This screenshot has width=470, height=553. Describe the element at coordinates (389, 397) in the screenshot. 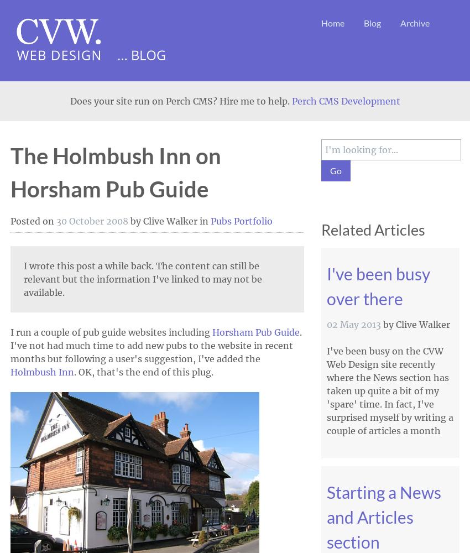

I see `'Web Design site recently where the News section has taken up quite a bit of my 'spare' time. In fact, I've surprised myself by writing a couple of articles a month'` at that location.